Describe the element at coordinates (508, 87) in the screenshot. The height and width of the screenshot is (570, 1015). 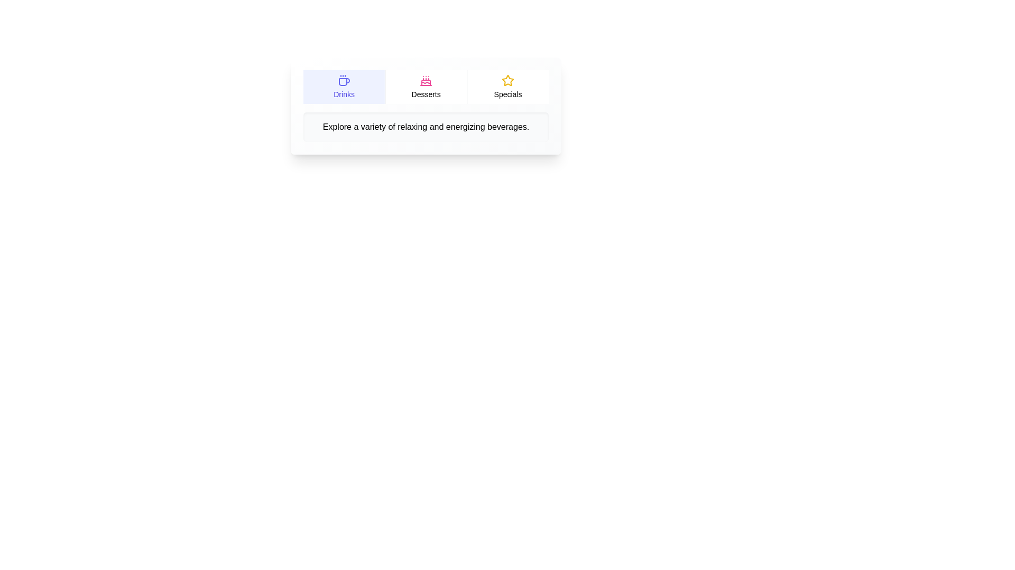
I see `the tab labeled Specials and read its content` at that location.